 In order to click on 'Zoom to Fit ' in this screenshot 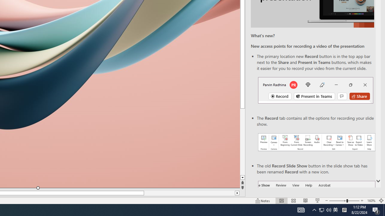, I will do `click(381, 201)`.